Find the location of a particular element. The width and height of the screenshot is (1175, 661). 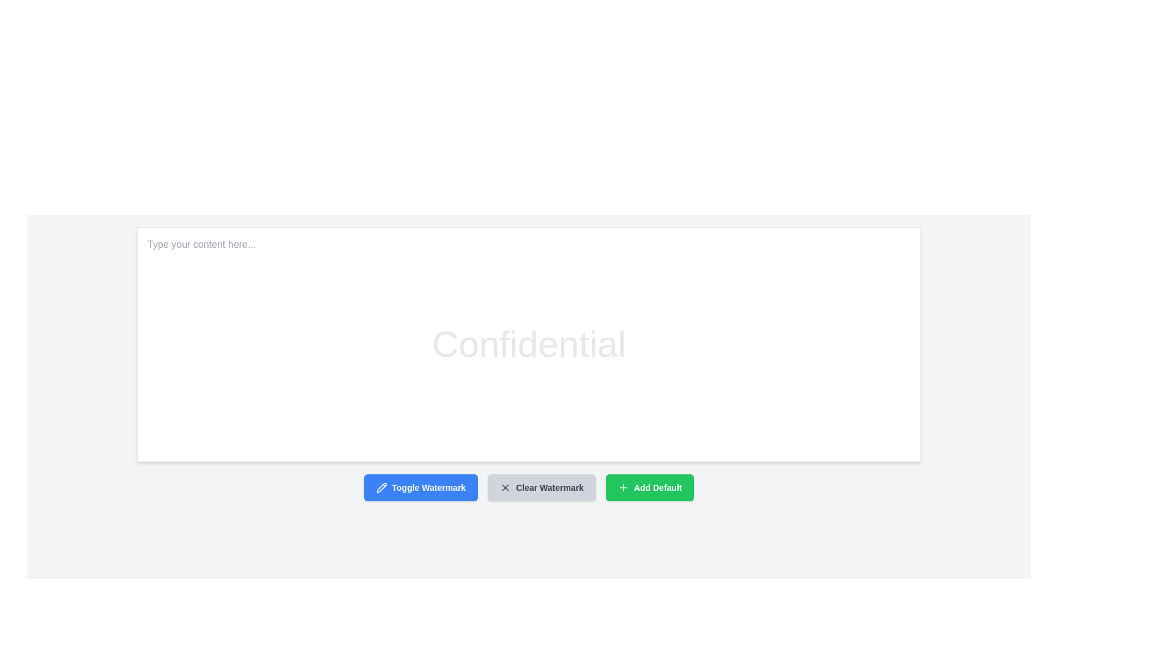

the button that adds default settings or configurations, which is the third button in a horizontal group located to the right of the 'Clear Watermark' button is located at coordinates (649, 487).